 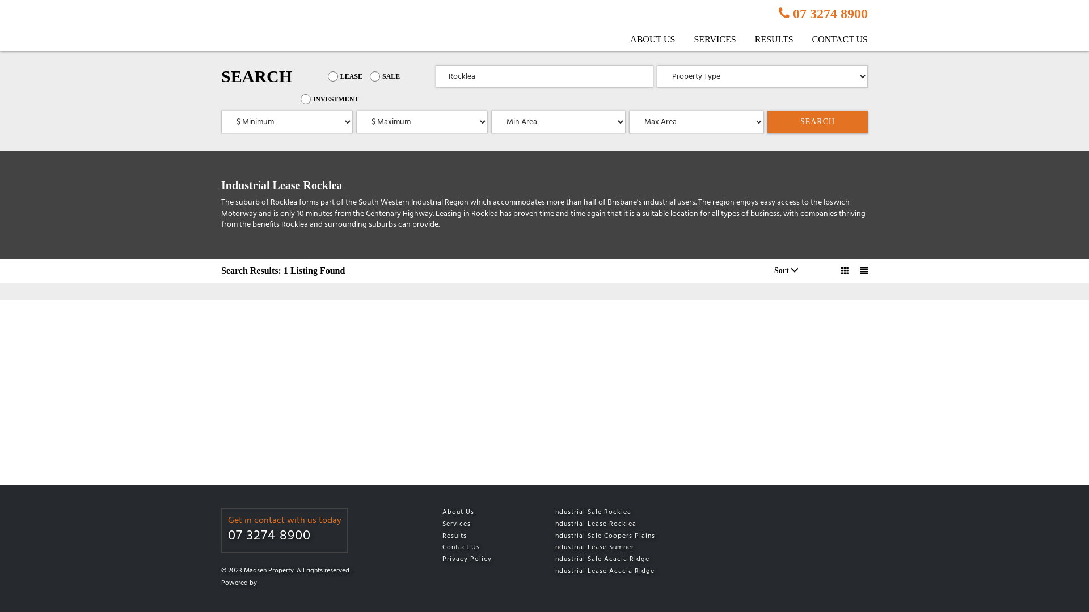 I want to click on 'ABOUT US', so click(x=644, y=39).